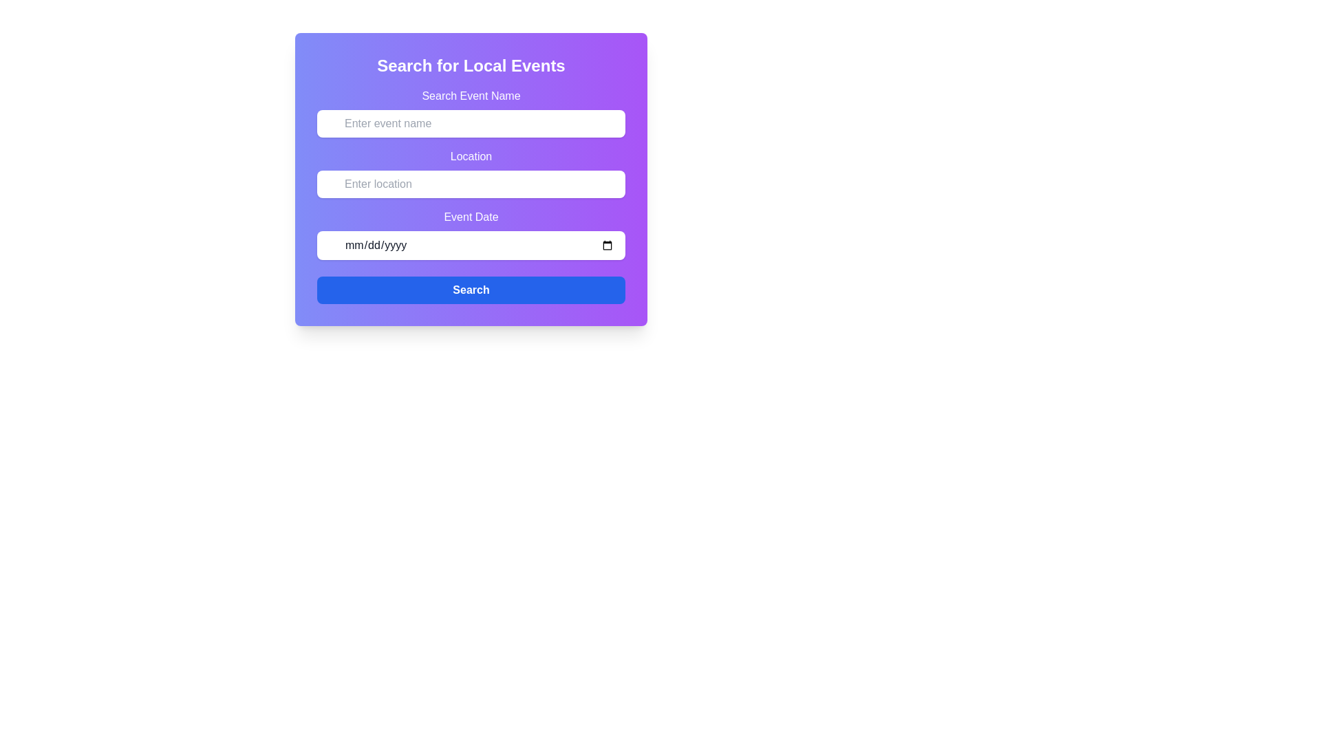  Describe the element at coordinates (471, 217) in the screenshot. I see `the 'Event Date' label, which indicates the input field for specifying the event date, located beneath the 'Location' input field and above the date picker field` at that location.